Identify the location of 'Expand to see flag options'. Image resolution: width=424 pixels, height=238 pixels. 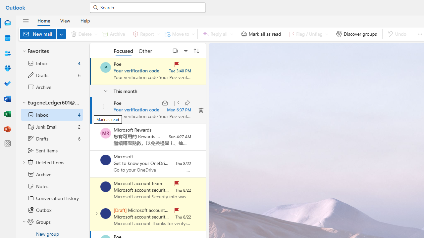
(327, 34).